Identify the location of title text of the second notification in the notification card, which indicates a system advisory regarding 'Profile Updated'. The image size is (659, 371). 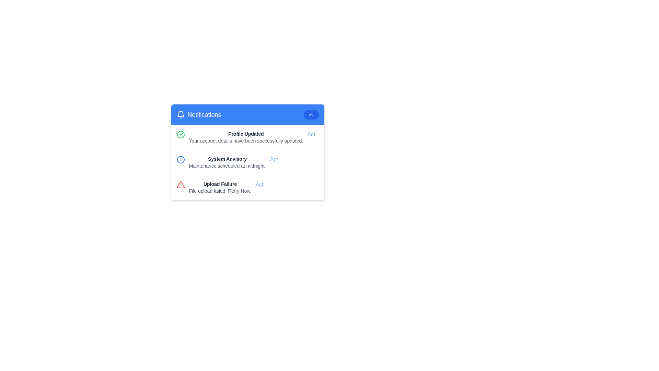
(227, 159).